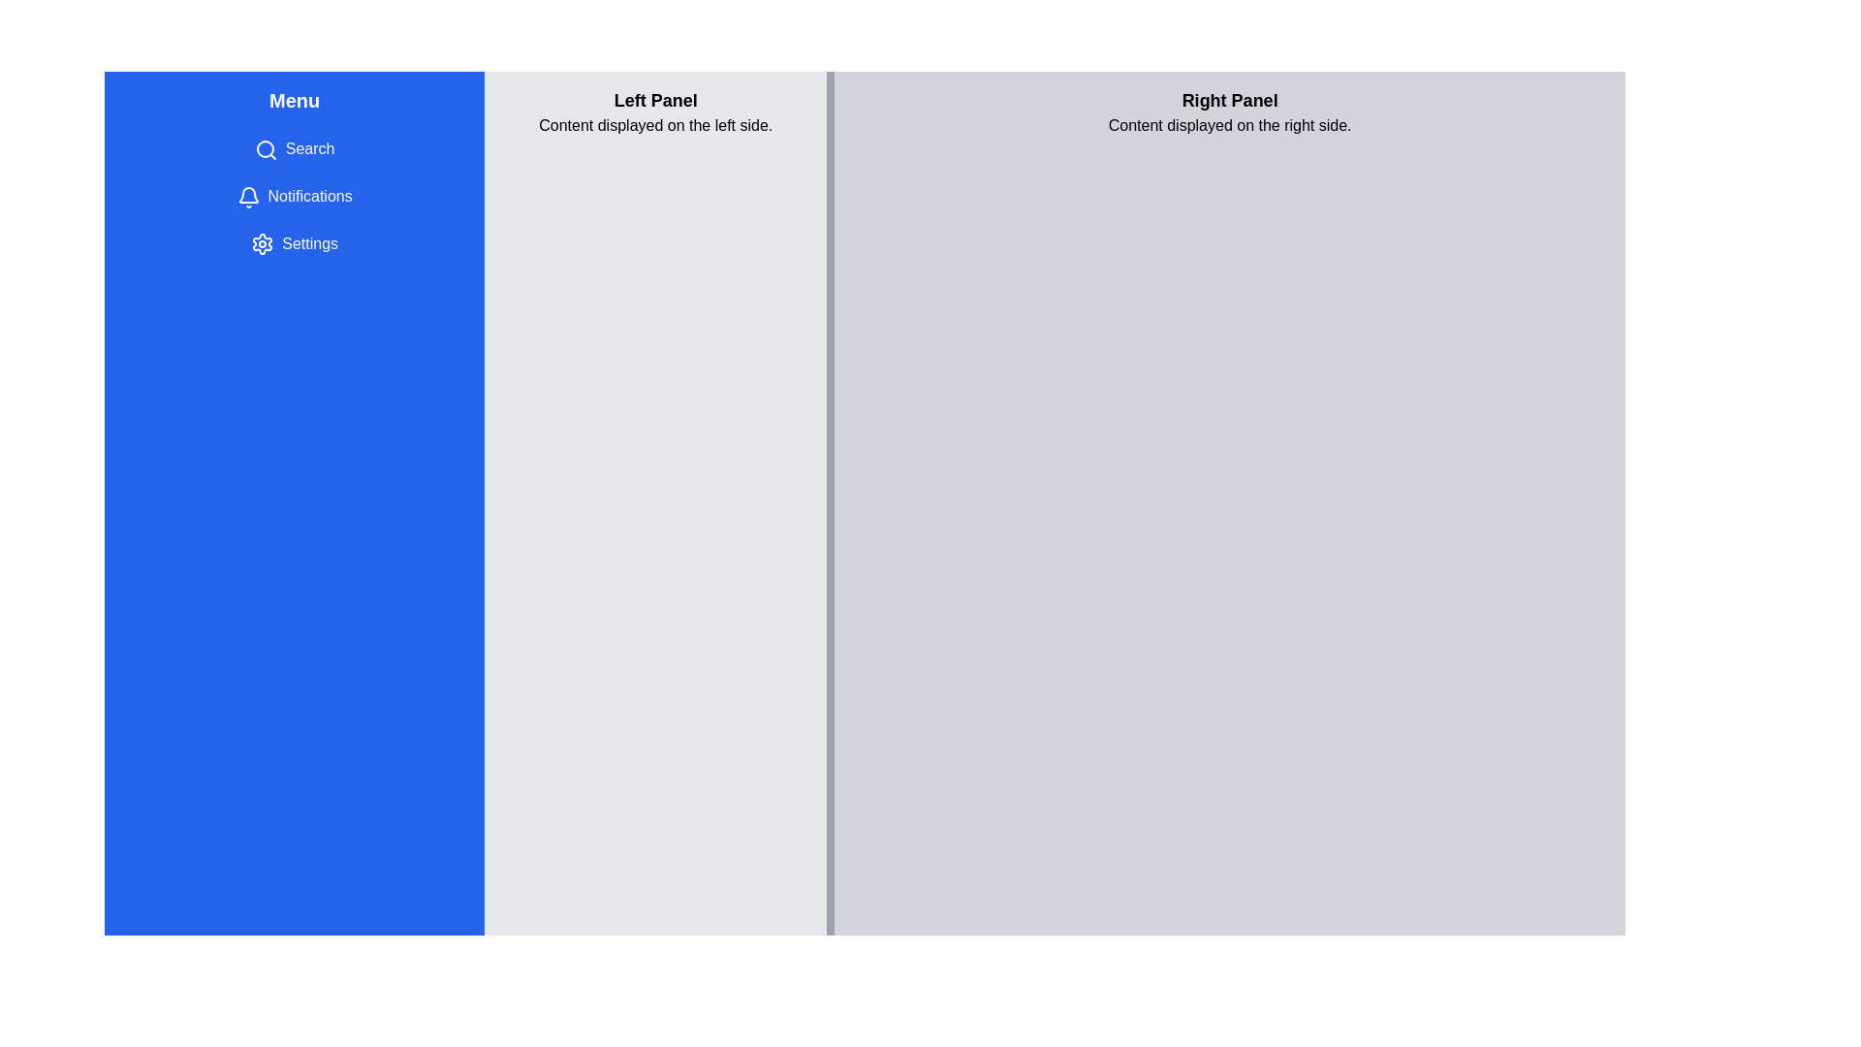 The width and height of the screenshot is (1861, 1047). Describe the element at coordinates (655, 126) in the screenshot. I see `the text label displaying 'Content displayed on the left side.' located under the 'Left Panel' in the left column of the interface` at that location.